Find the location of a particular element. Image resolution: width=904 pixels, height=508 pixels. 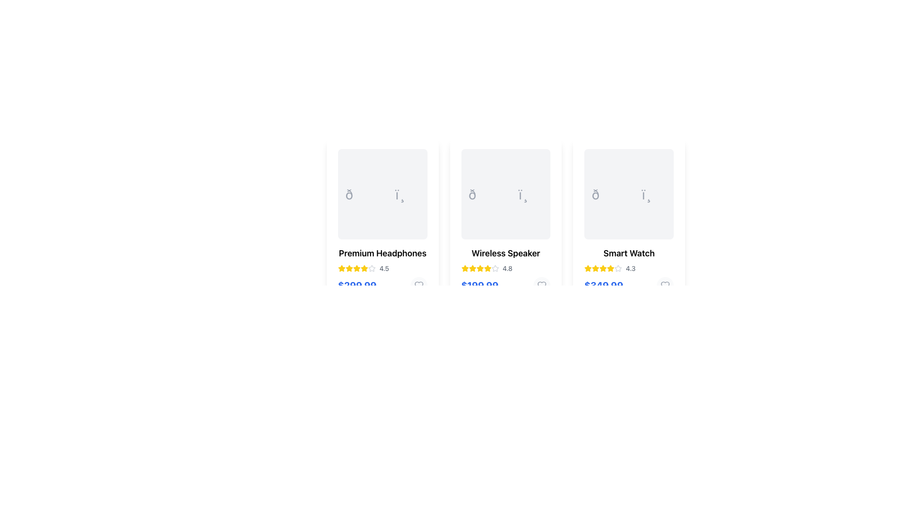

numerical rating displayed in the rating widget for the 'Smart Watch' product, which shows a value of '4.3' is located at coordinates (629, 268).